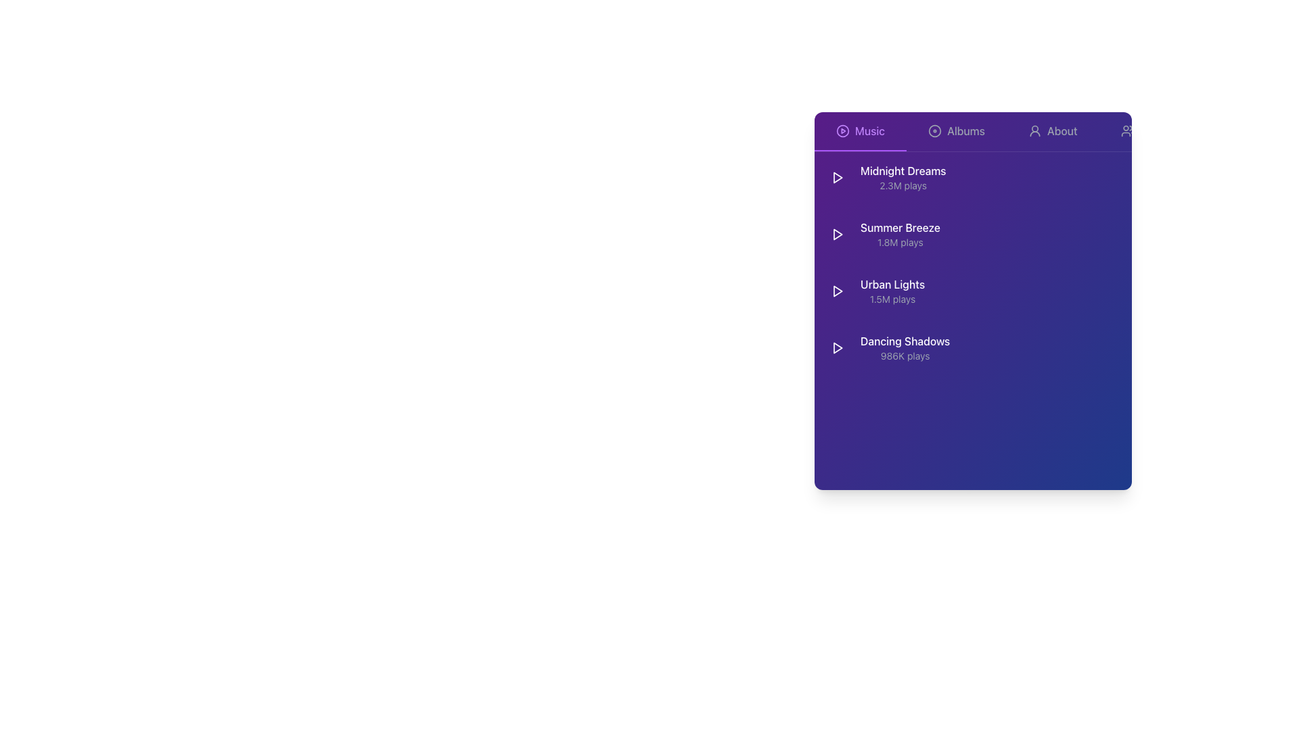 The width and height of the screenshot is (1299, 730). Describe the element at coordinates (965, 130) in the screenshot. I see `the 'Albums' label in the navigation header` at that location.